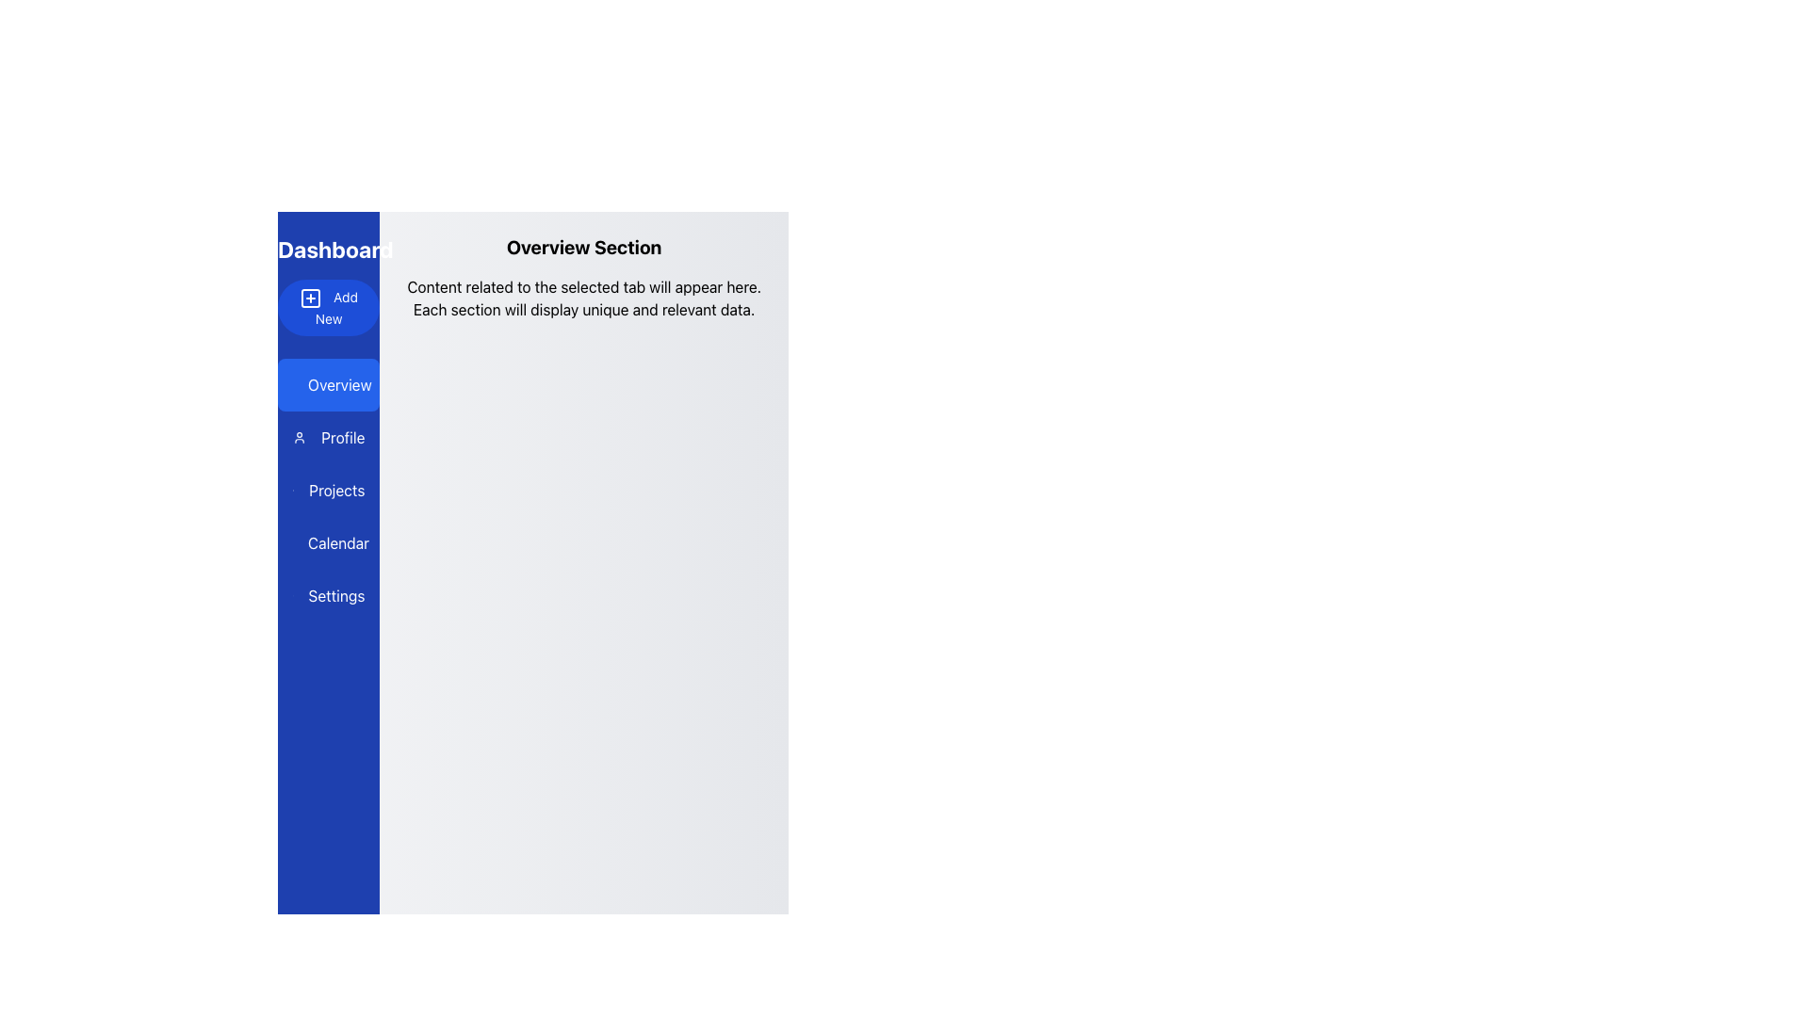  What do you see at coordinates (329, 489) in the screenshot?
I see `the 'Projects' navigation item located in the side navigation bar, which is the third item in the list between 'Profile' and 'Calendar'` at bounding box center [329, 489].